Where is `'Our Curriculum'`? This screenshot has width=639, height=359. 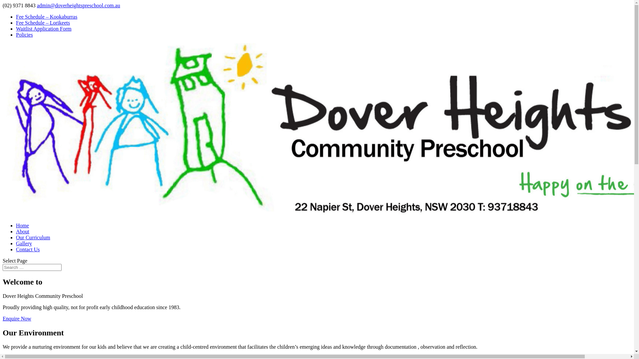
'Our Curriculum' is located at coordinates (33, 237).